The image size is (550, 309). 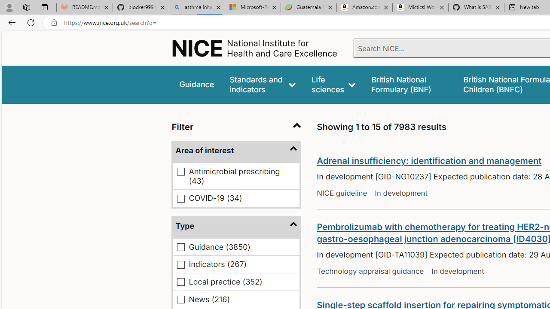 I want to click on 'Life sciences', so click(x=333, y=85).